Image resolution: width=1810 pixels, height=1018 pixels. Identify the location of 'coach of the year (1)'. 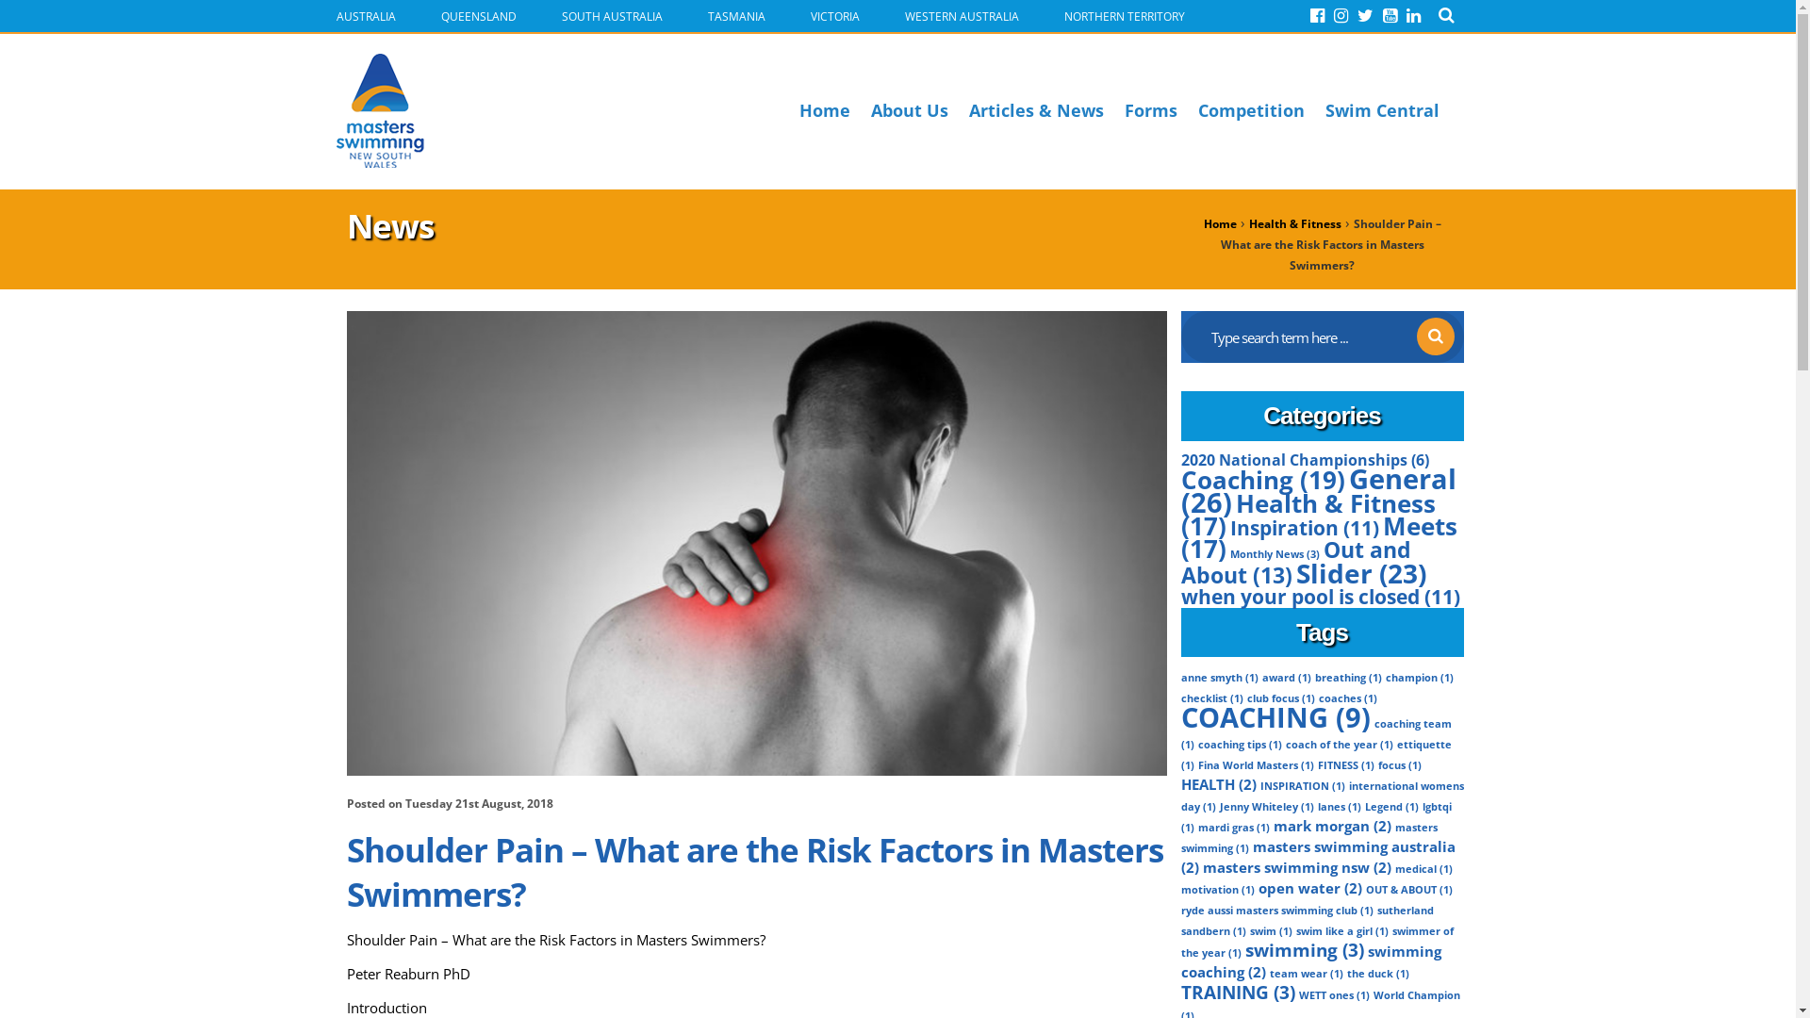
(1338, 744).